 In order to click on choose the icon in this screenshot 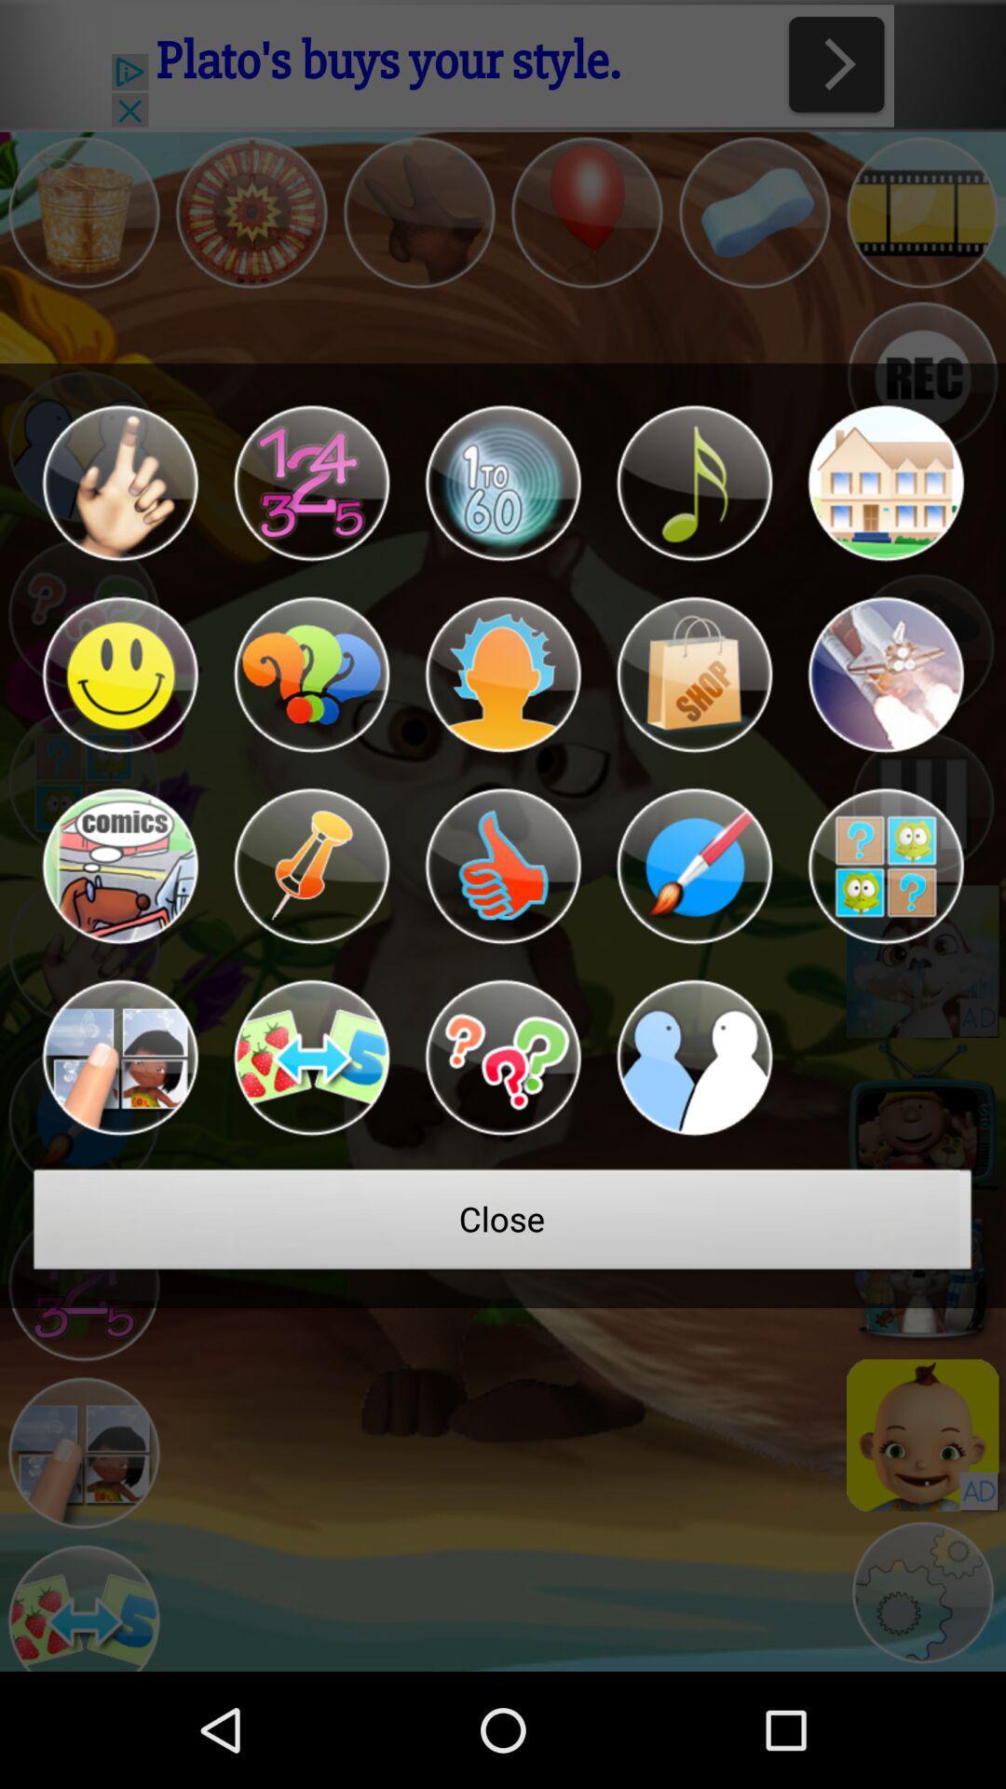, I will do `click(503, 674)`.